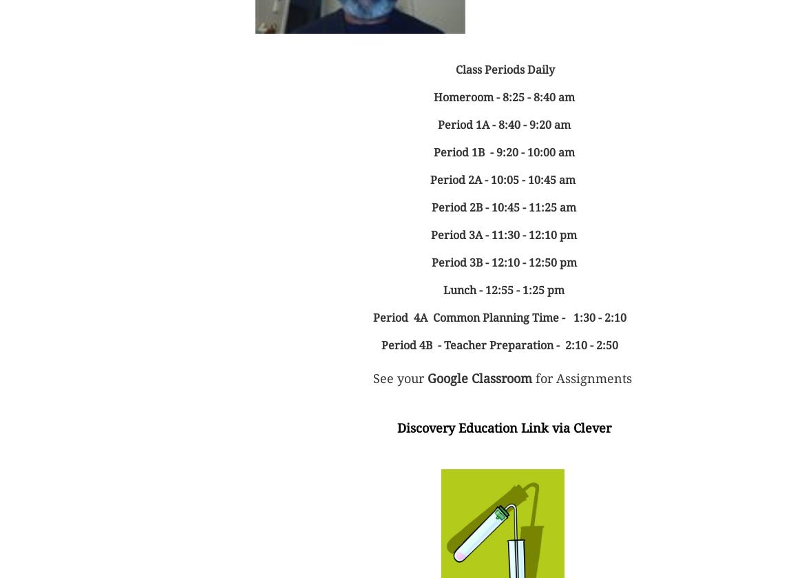 This screenshot has height=578, width=791. I want to click on 'Google Classroom', so click(478, 378).